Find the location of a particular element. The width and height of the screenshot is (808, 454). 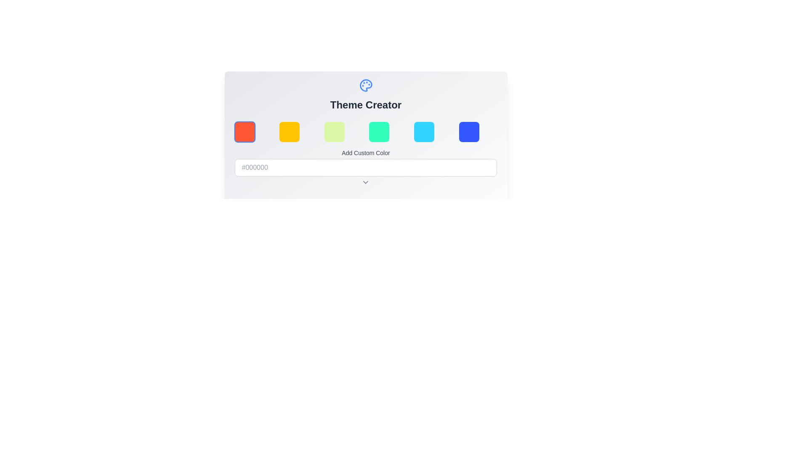

the descriptive label for the custom color input field, which is positioned directly above the input field and centered horizontally is located at coordinates (366, 153).